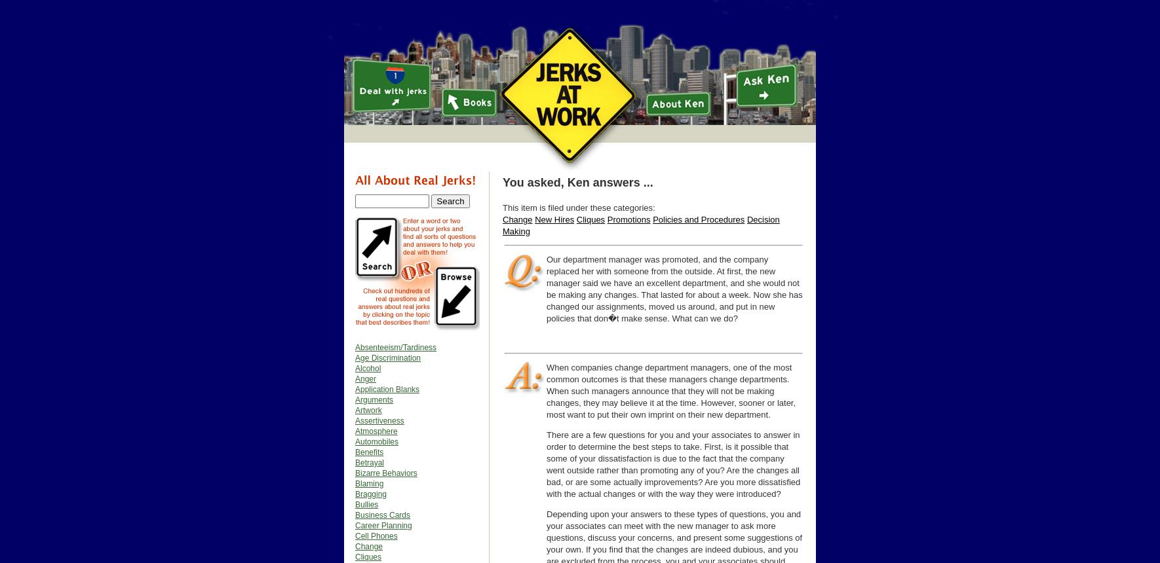  What do you see at coordinates (674, 289) in the screenshot?
I see `'Our department manager was promoted, and the company replaced her with someone from the outside. At first, the new manager said we have an excellent department, and she would not be making any changes. That lasted for about a week. Now she has changed our assignments, moved us around, and put in new policies that don�t make sense. What can we do?'` at bounding box center [674, 289].